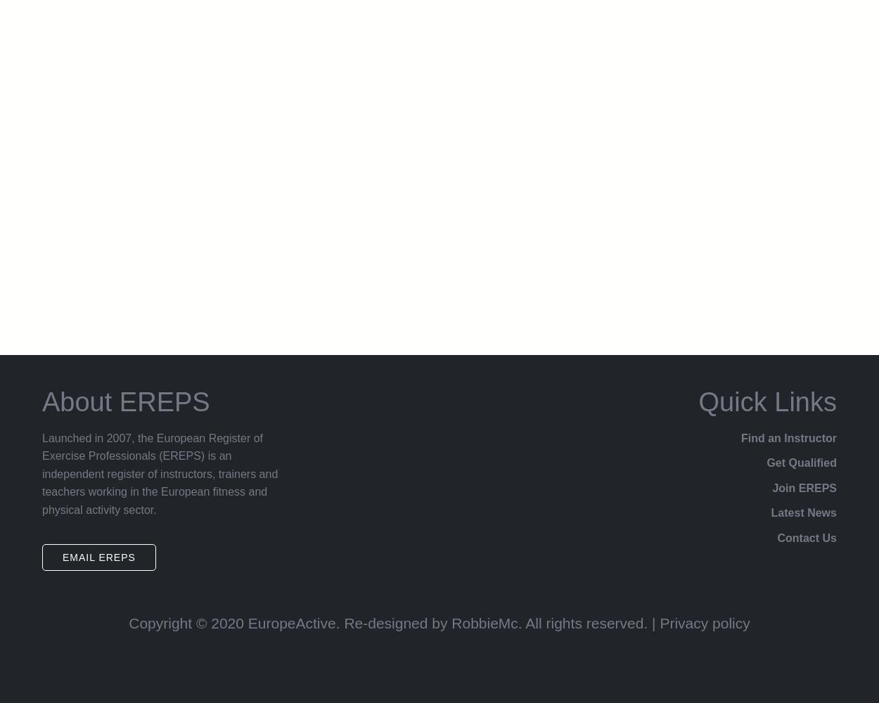 This screenshot has width=879, height=703. Describe the element at coordinates (807, 538) in the screenshot. I see `'Contact Us'` at that location.